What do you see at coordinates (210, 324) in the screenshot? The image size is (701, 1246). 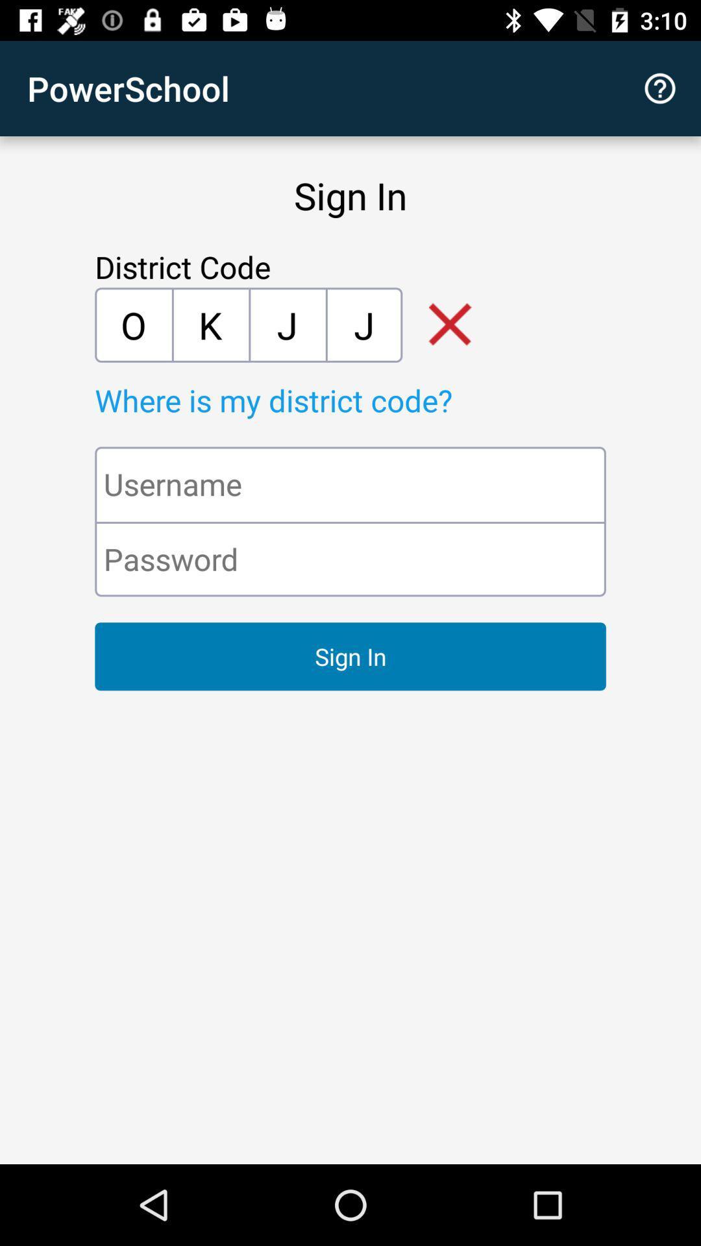 I see `k item` at bounding box center [210, 324].